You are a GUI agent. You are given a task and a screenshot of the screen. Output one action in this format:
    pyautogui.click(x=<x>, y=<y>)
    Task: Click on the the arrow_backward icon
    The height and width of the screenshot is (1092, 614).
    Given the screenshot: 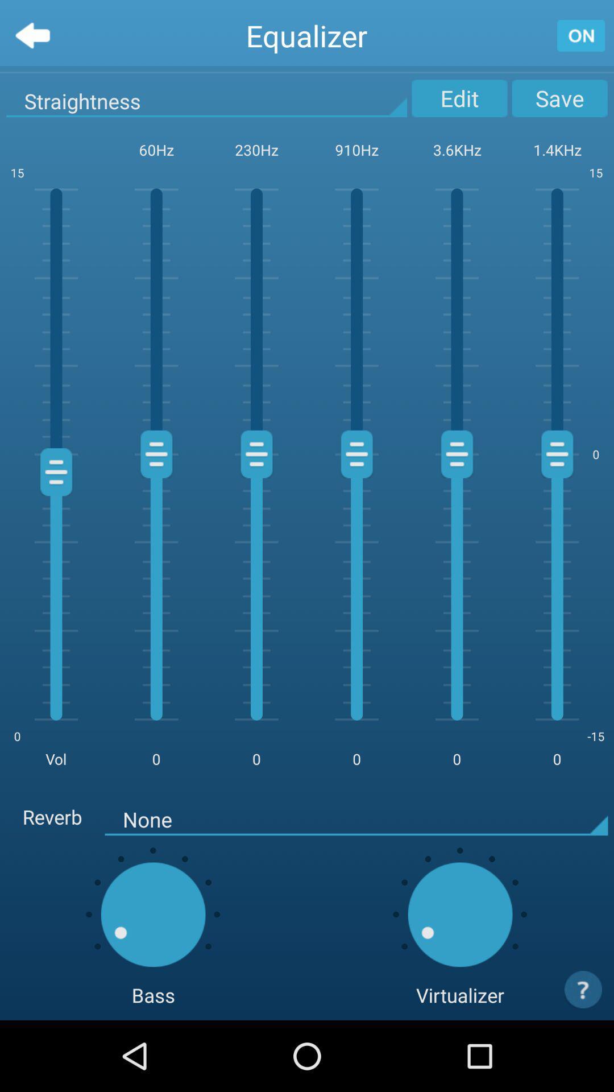 What is the action you would take?
    pyautogui.click(x=32, y=38)
    